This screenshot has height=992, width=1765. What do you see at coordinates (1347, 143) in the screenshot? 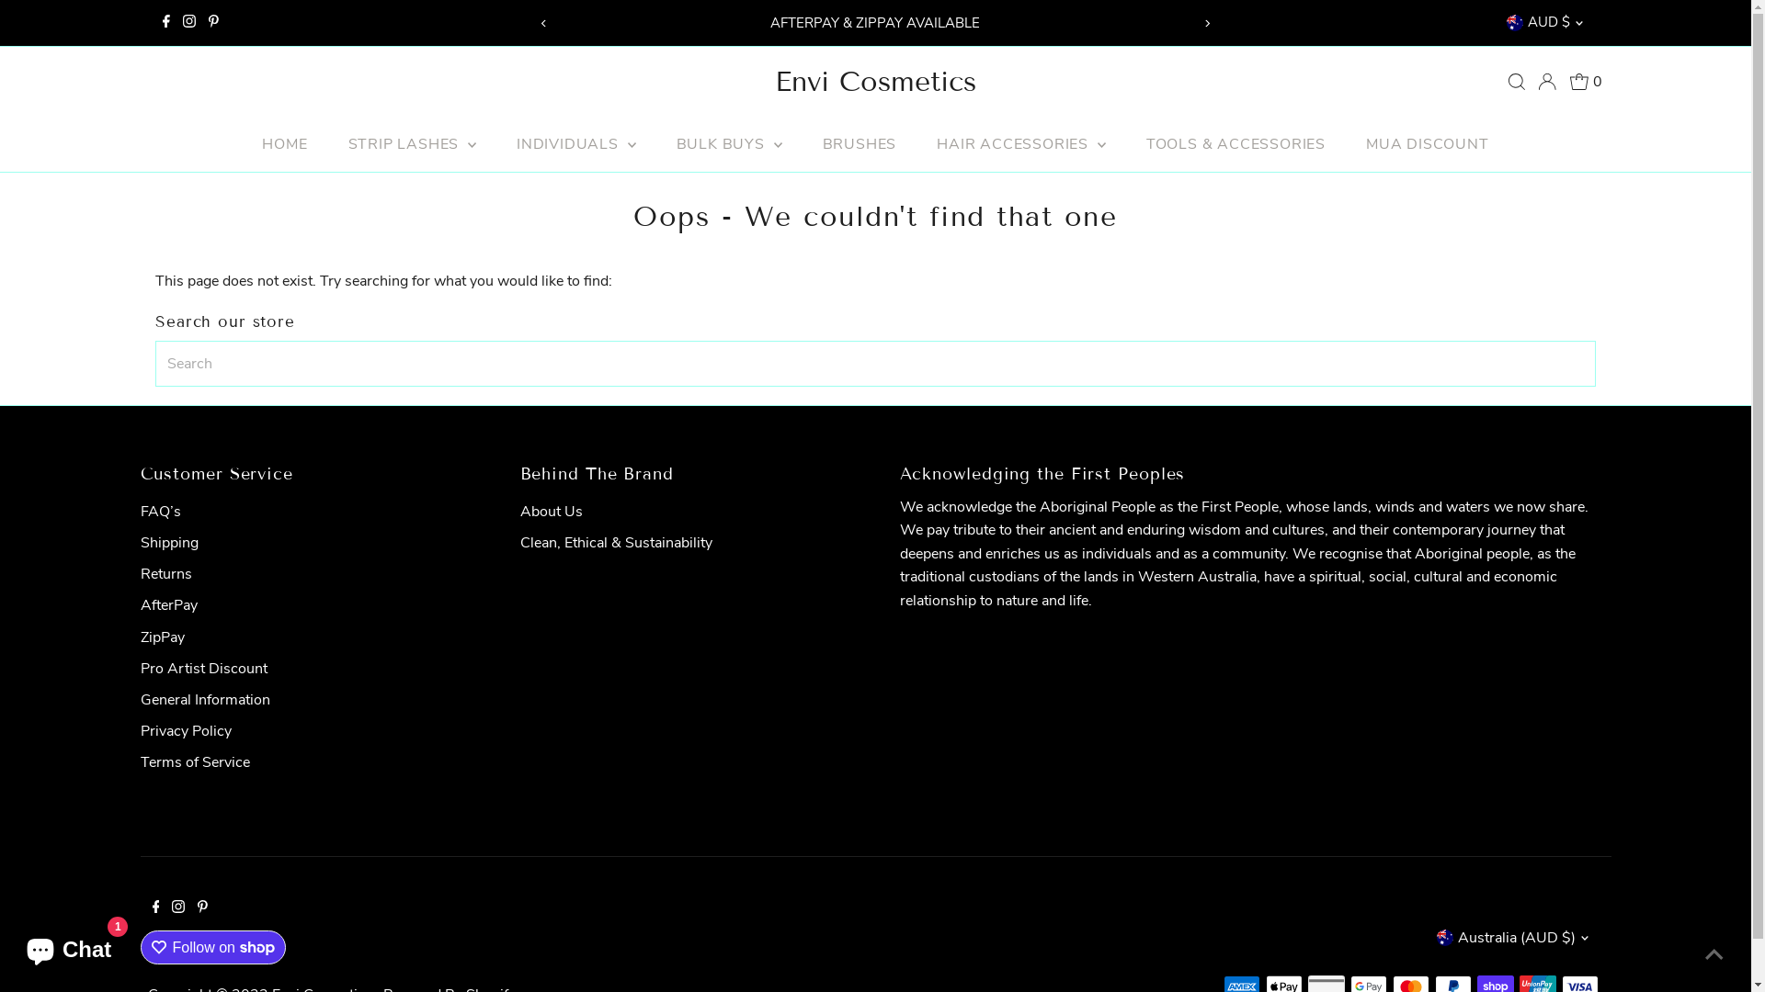
I see `'MUA DISCOUNT'` at bounding box center [1347, 143].